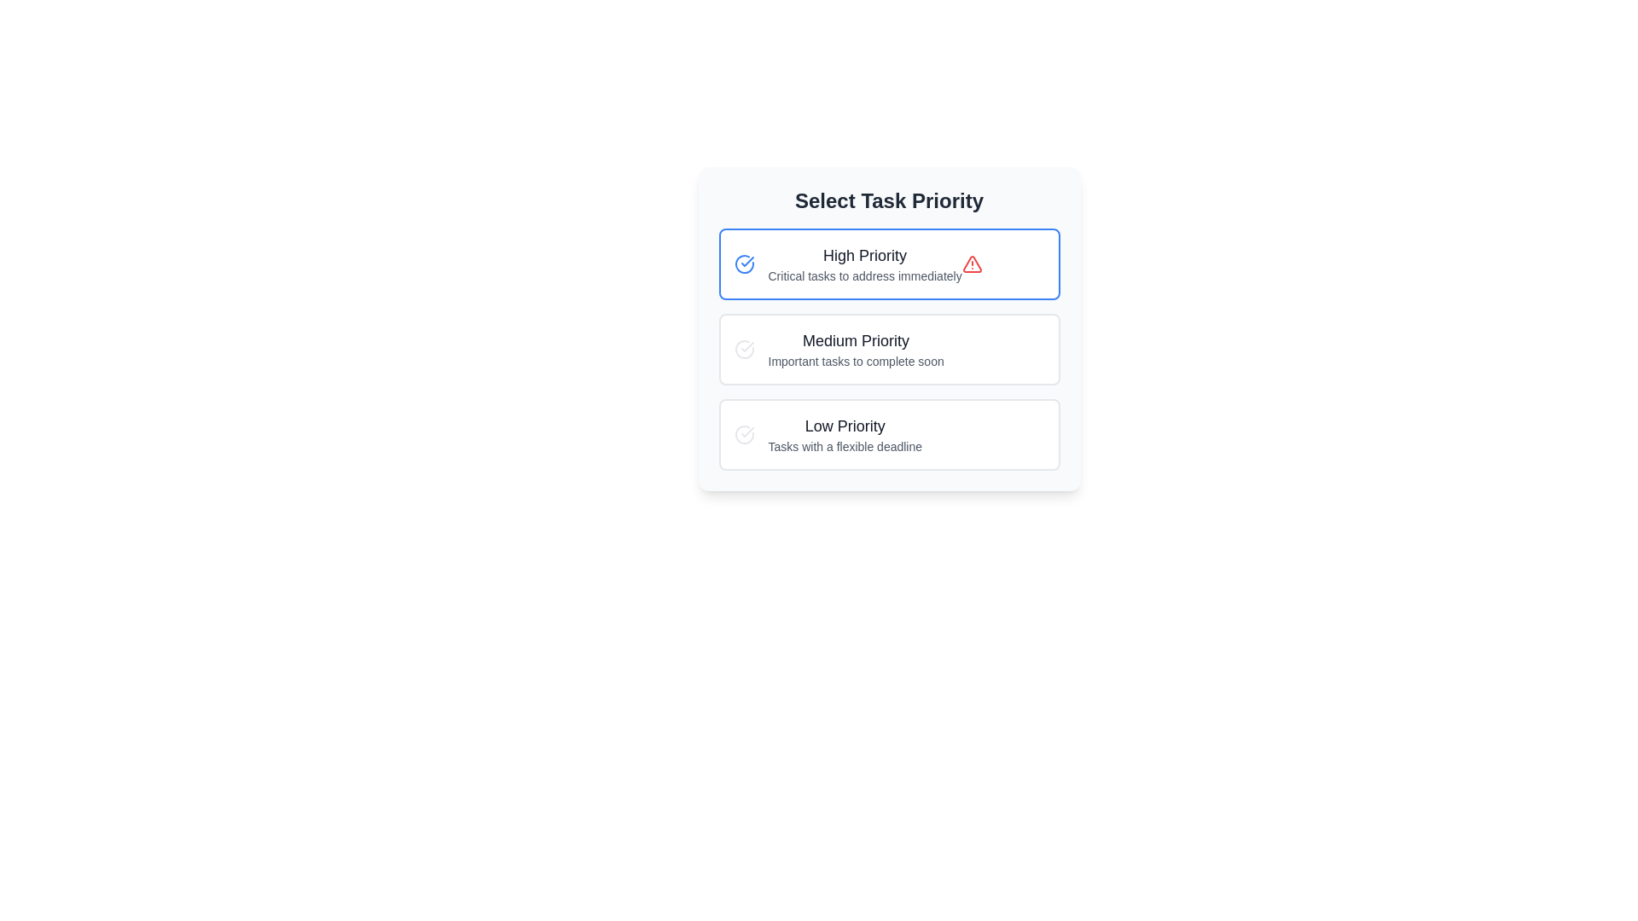 The height and width of the screenshot is (921, 1638). Describe the element at coordinates (865, 264) in the screenshot. I see `the 'High Priority' label which is located above the 'Medium Priority' and 'Low Priority' entries in the vertically stacked list` at that location.